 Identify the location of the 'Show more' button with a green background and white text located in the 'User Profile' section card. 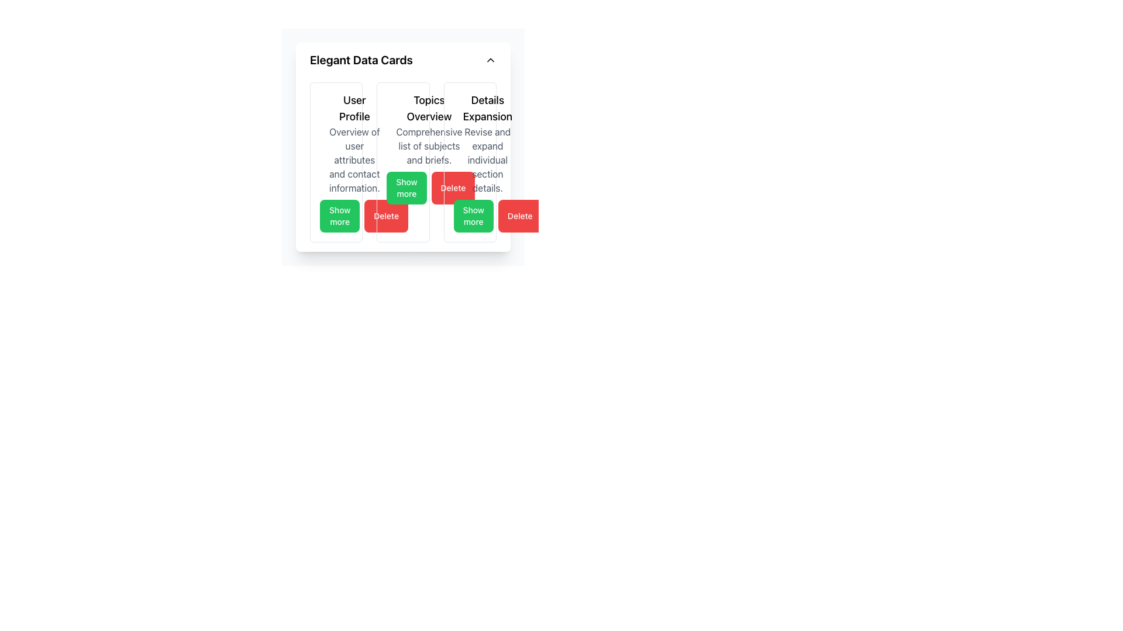
(336, 216).